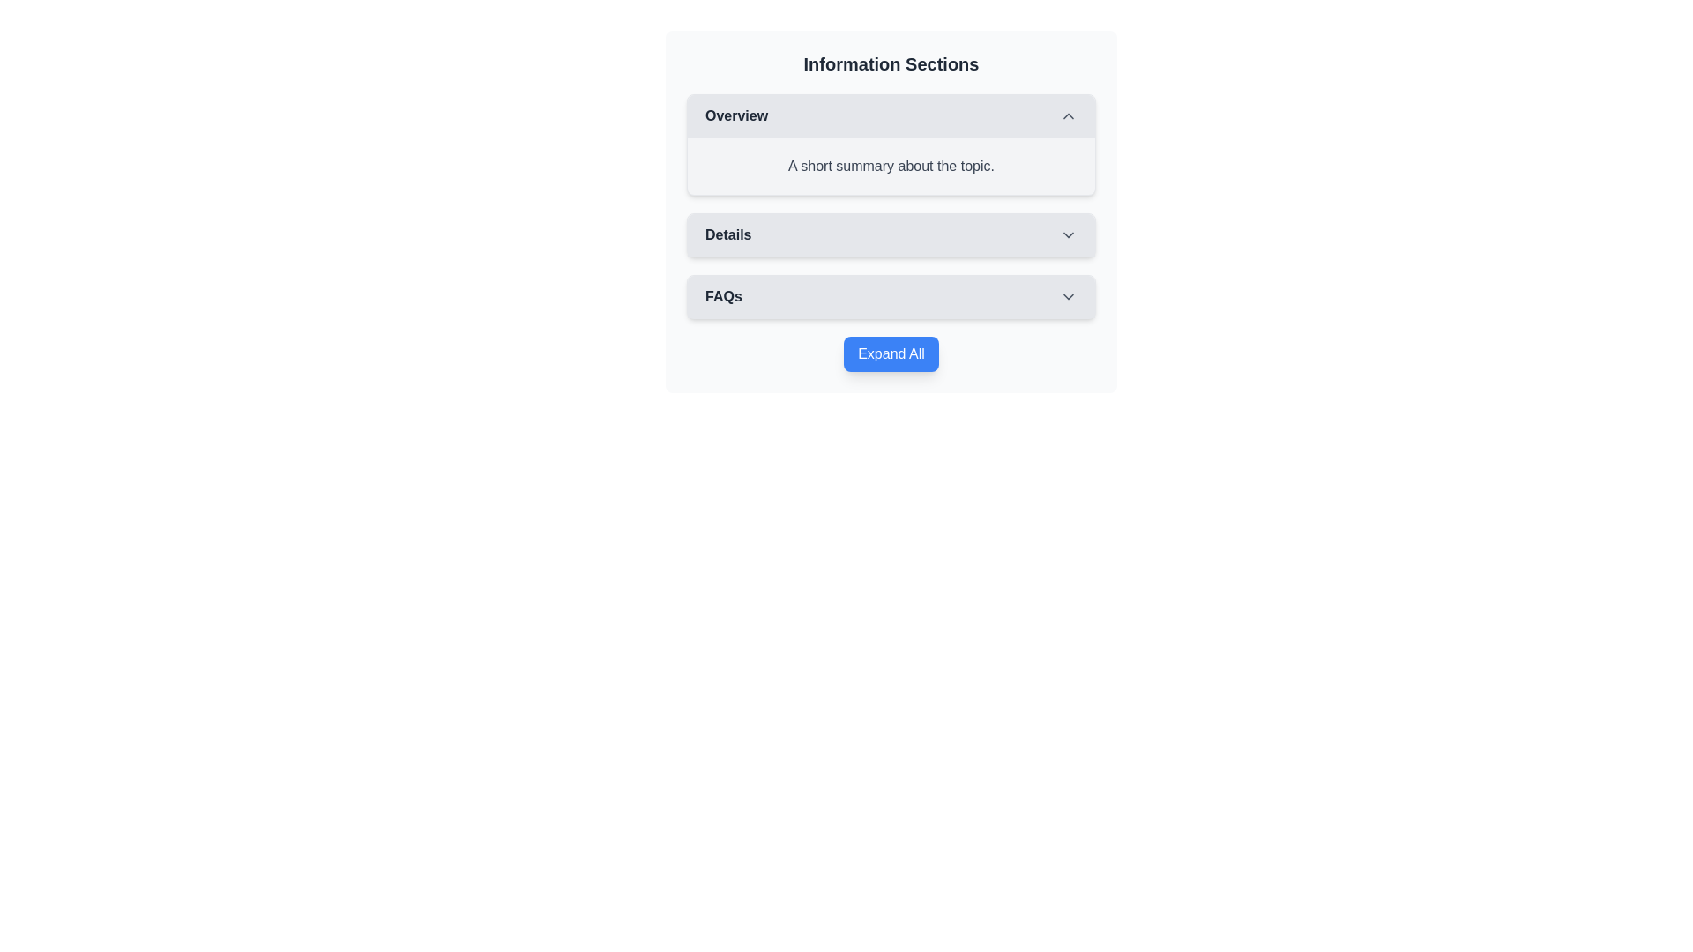 This screenshot has height=952, width=1693. What do you see at coordinates (891, 234) in the screenshot?
I see `the 'Details' button` at bounding box center [891, 234].